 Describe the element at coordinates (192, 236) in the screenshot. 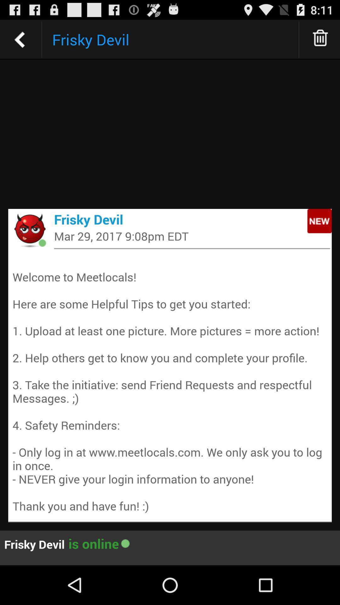

I see `the mar 29 2017 item` at that location.